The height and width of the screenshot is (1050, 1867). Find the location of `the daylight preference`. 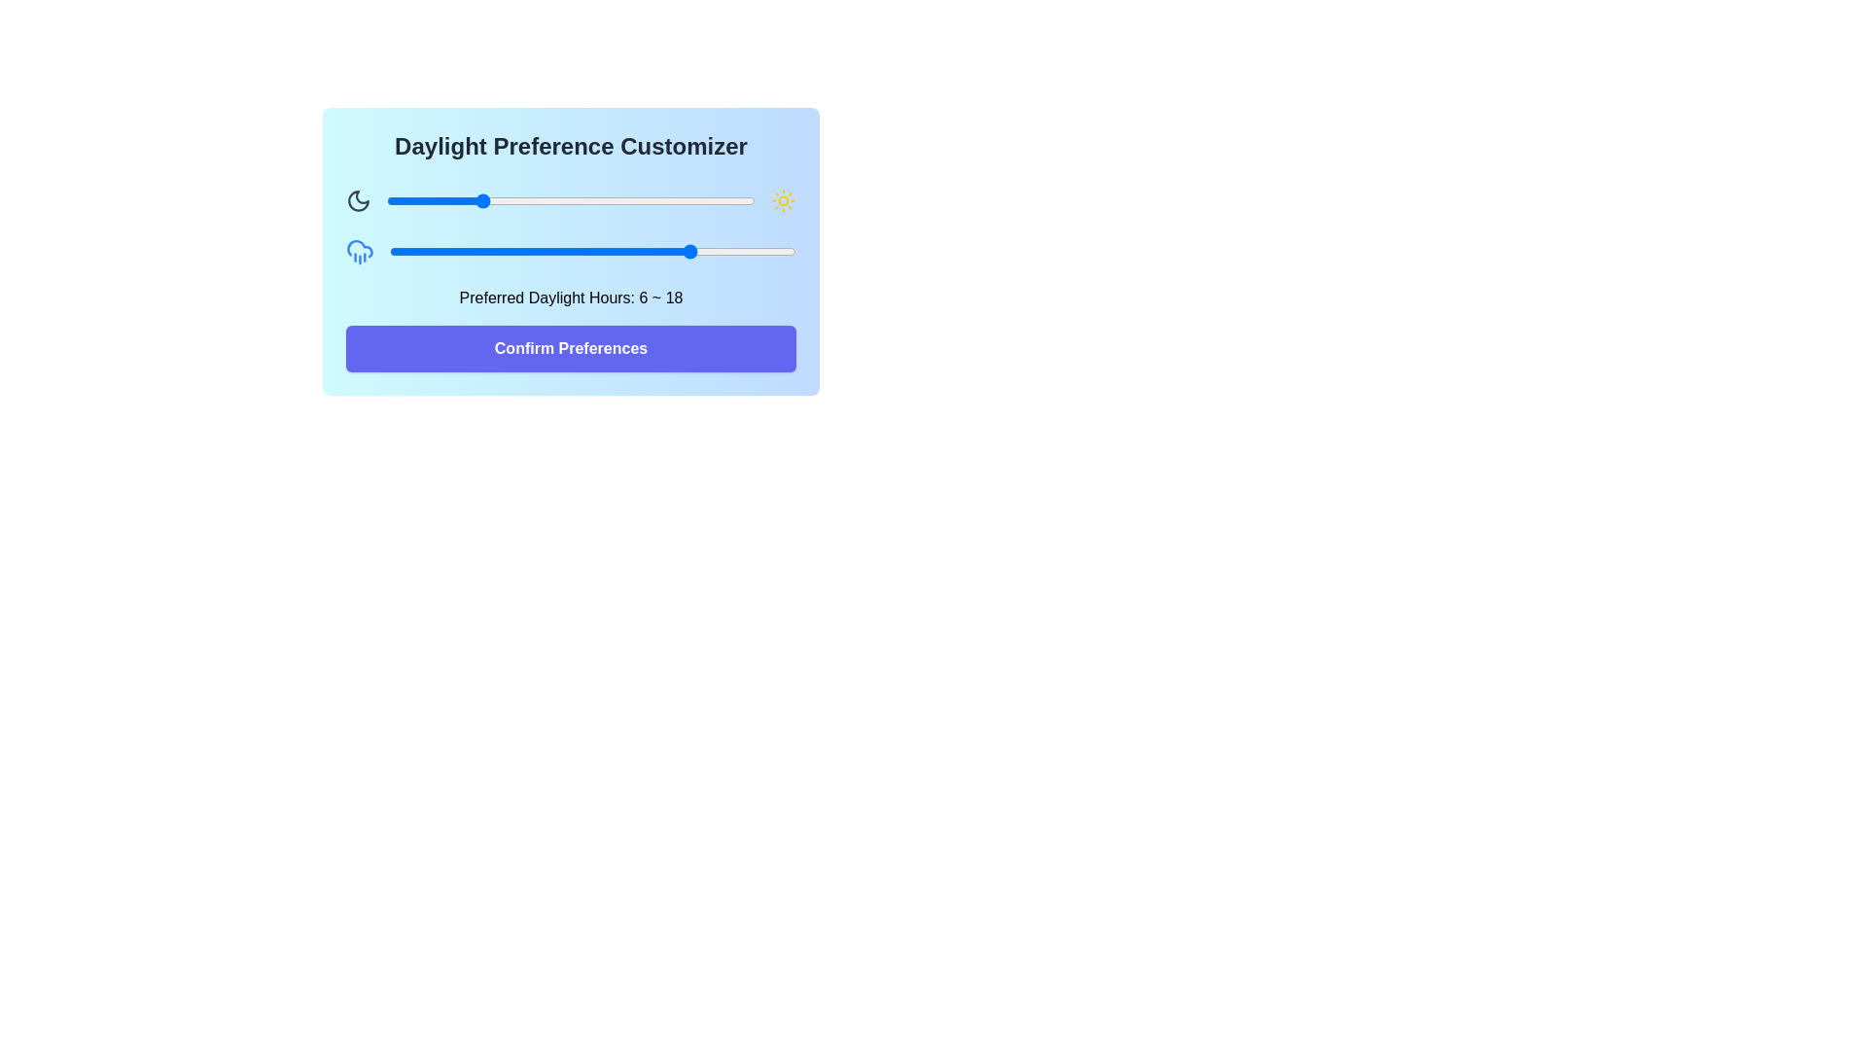

the daylight preference is located at coordinates (422, 250).